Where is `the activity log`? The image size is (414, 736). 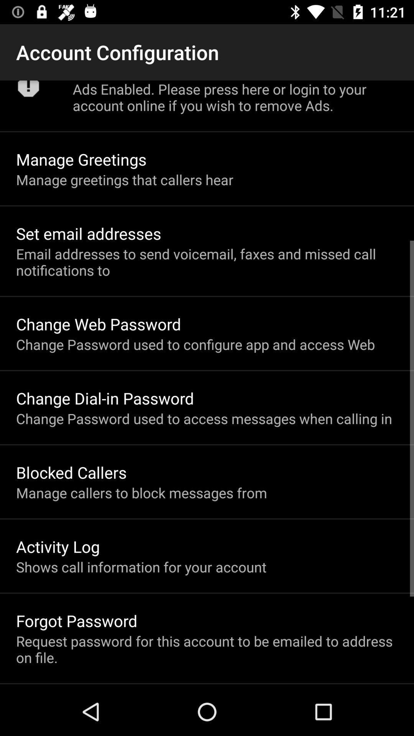
the activity log is located at coordinates (58, 546).